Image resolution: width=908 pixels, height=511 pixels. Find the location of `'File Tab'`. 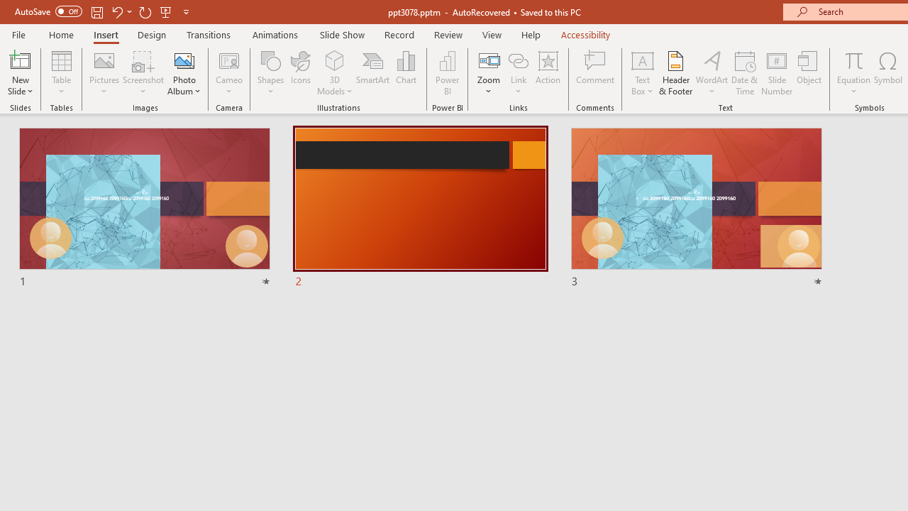

'File Tab' is located at coordinates (18, 33).